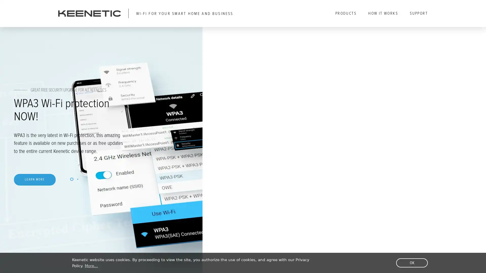 Image resolution: width=486 pixels, height=273 pixels. Describe the element at coordinates (412, 262) in the screenshot. I see `dismiss cookie message` at that location.